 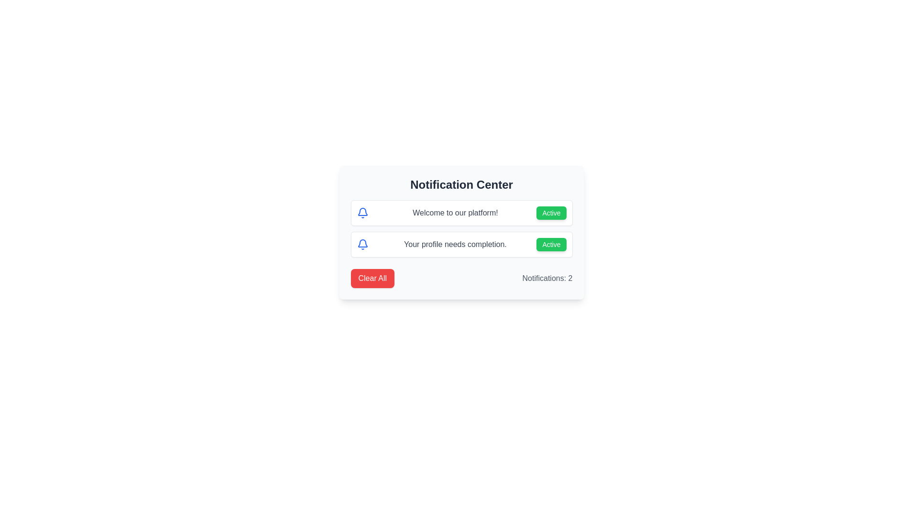 I want to click on the rectangular button labeled 'Active' with a green background, so click(x=551, y=244).